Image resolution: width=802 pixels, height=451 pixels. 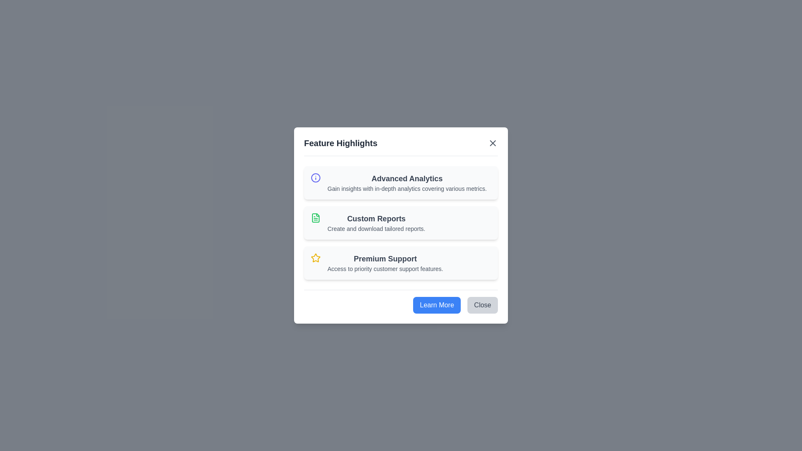 I want to click on the 'Close' button, which is a rectangular button with a light gray background and dark gray text, located at the bottom-right corner of the dialog, adjacent to the 'Learn More' button, so click(x=482, y=305).